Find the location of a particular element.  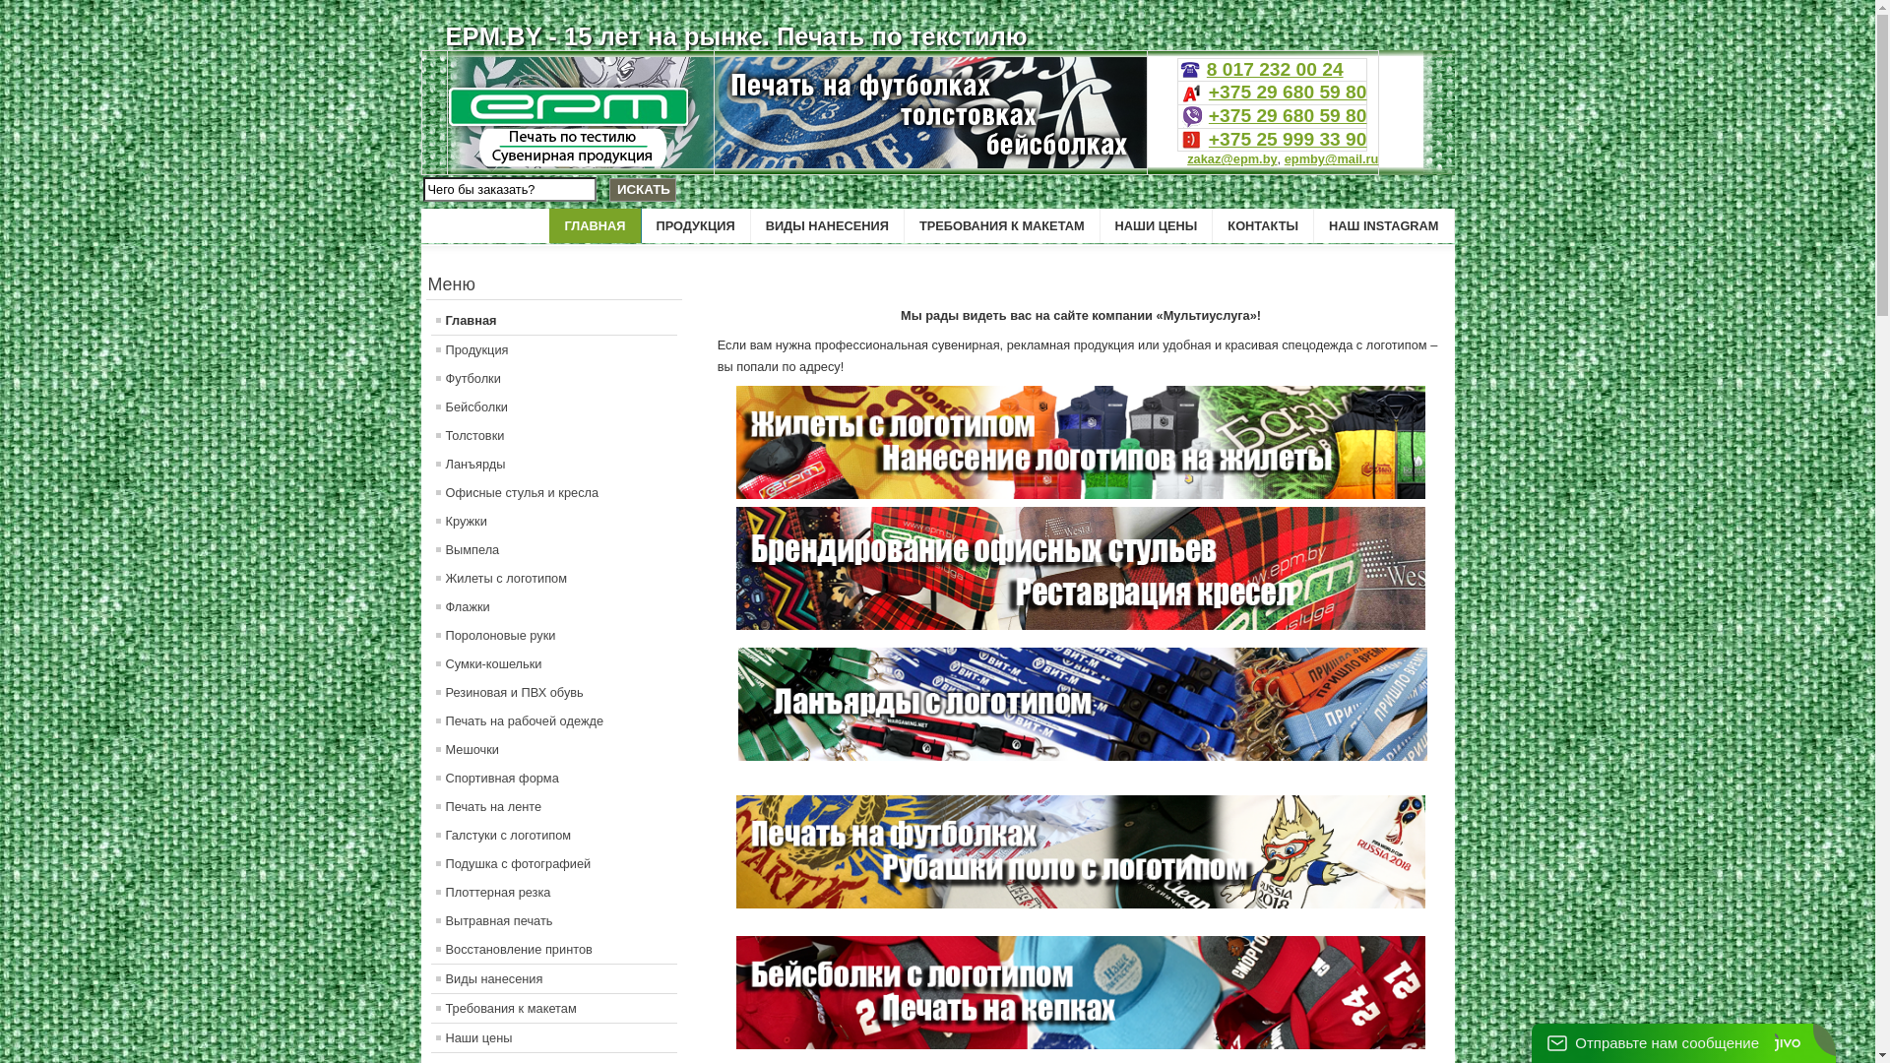

'zakaz@epm.by' is located at coordinates (1230, 157).